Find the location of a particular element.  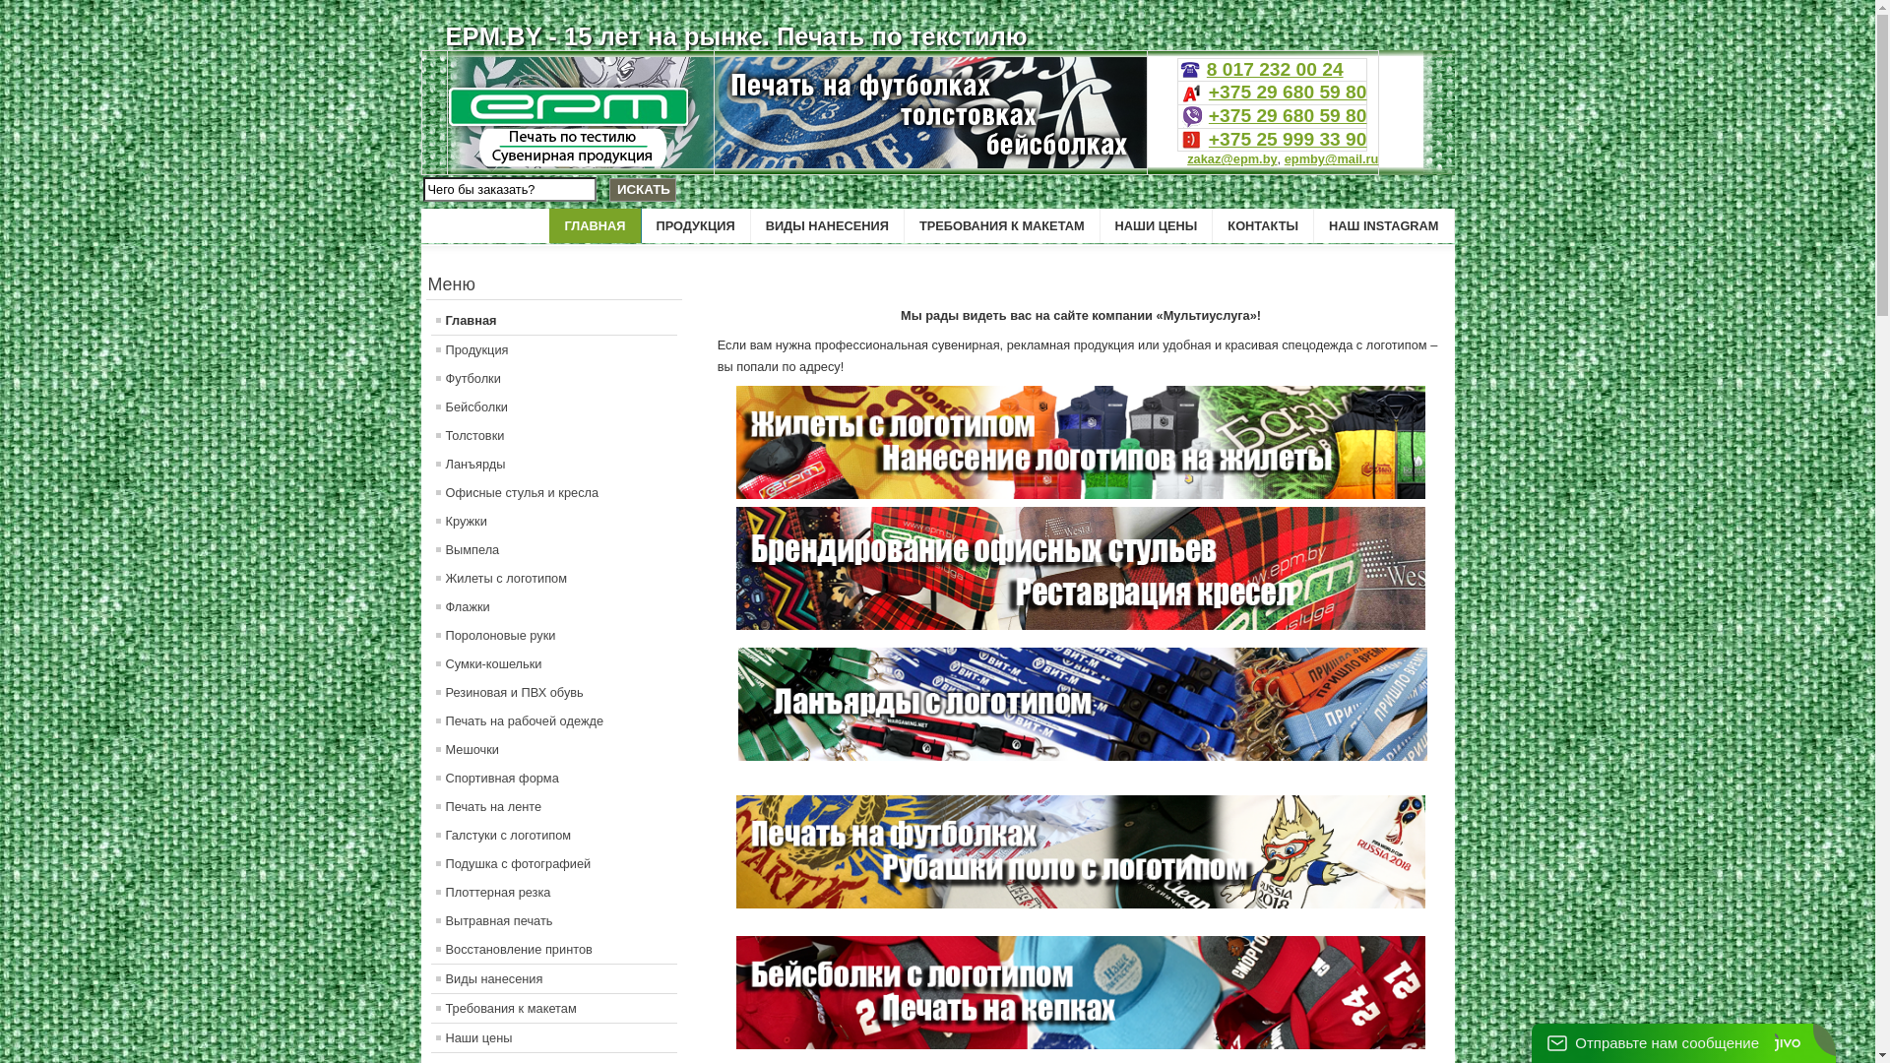

'zakaz@epm.by' is located at coordinates (1230, 157).